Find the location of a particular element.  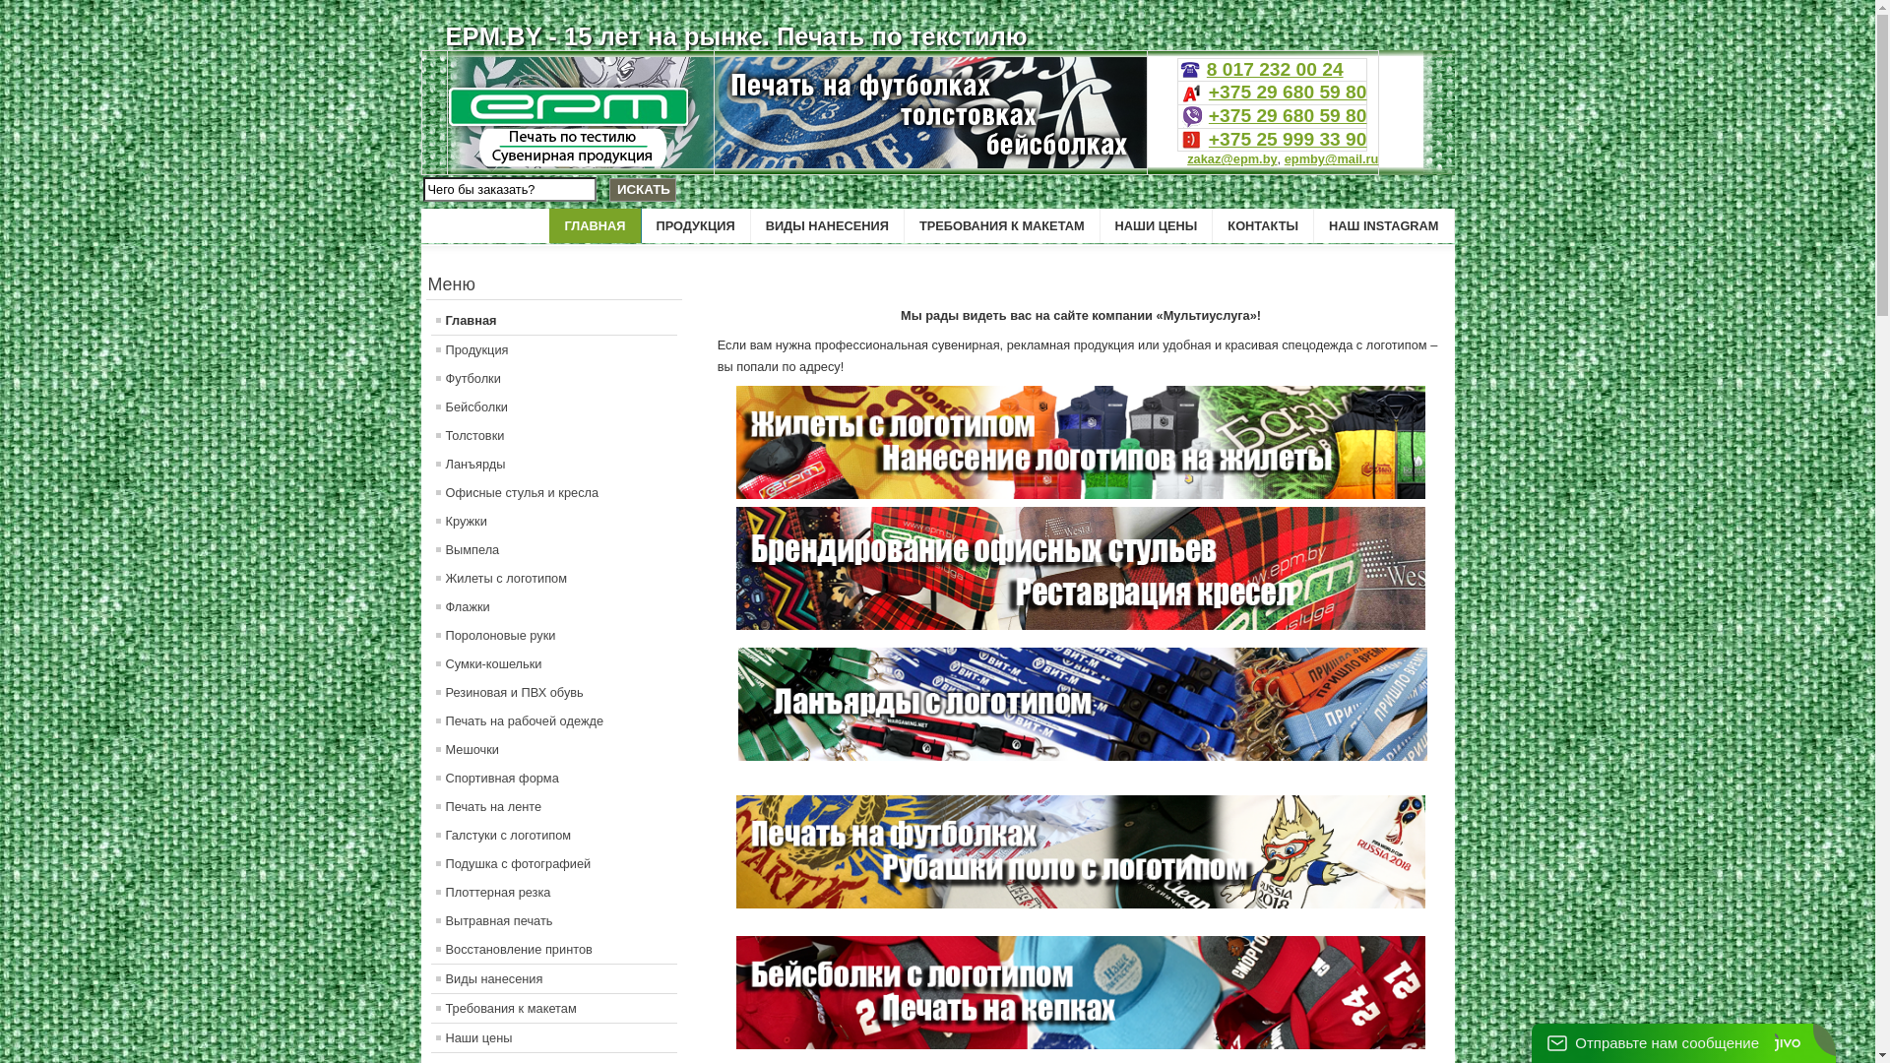

'zakaz@epm.by' is located at coordinates (1230, 157).